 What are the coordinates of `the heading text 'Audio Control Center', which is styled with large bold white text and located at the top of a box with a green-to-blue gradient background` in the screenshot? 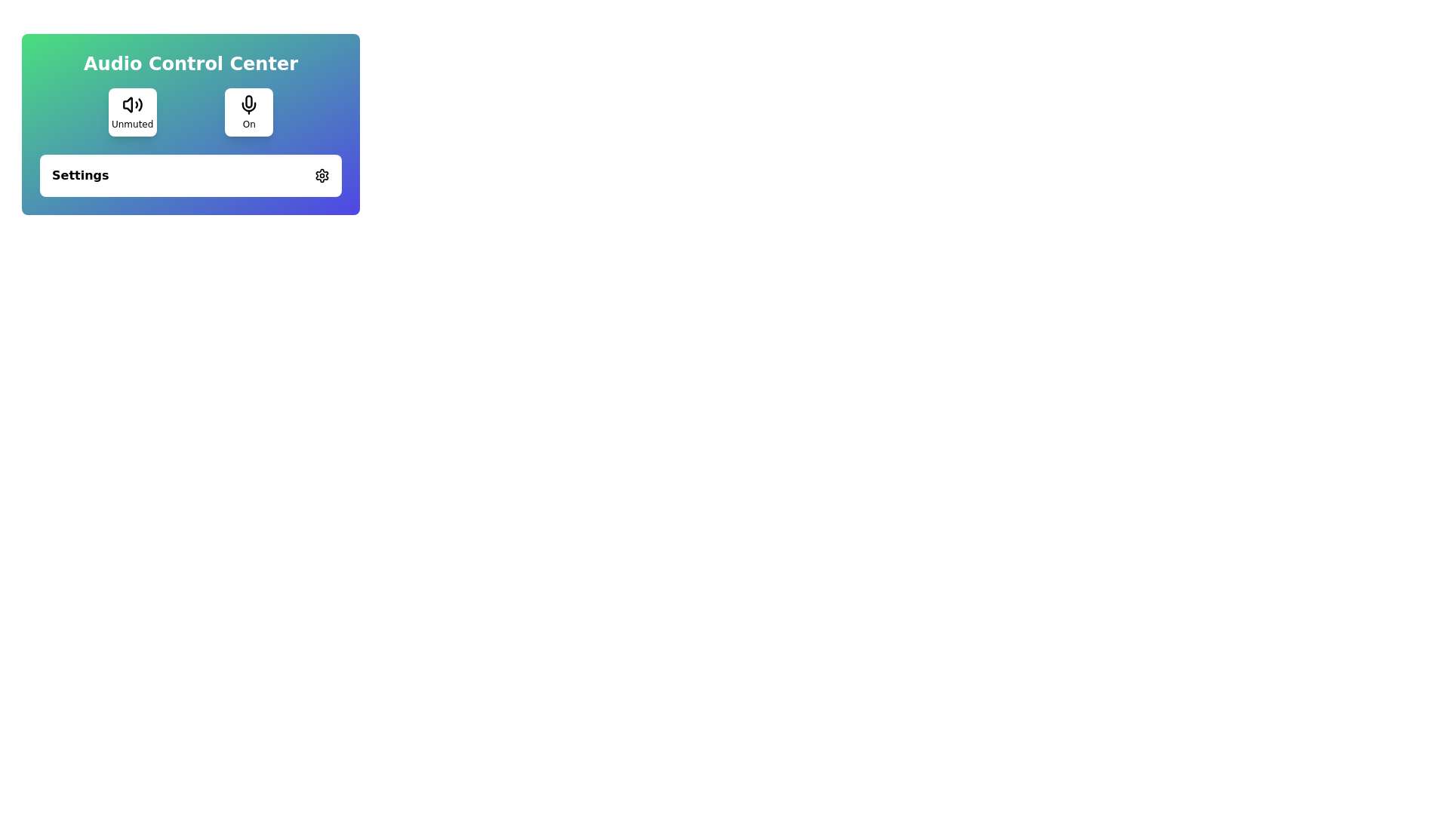 It's located at (190, 63).